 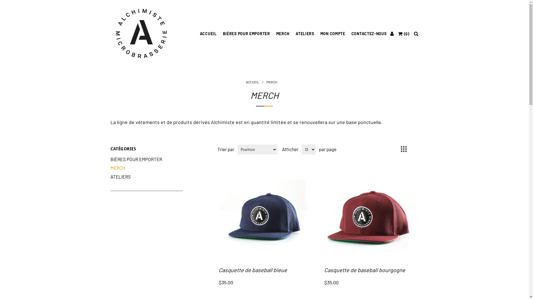 What do you see at coordinates (264, 215) in the screenshot?
I see `'Agrandir l'image de Casquette de baseball bleue'` at bounding box center [264, 215].